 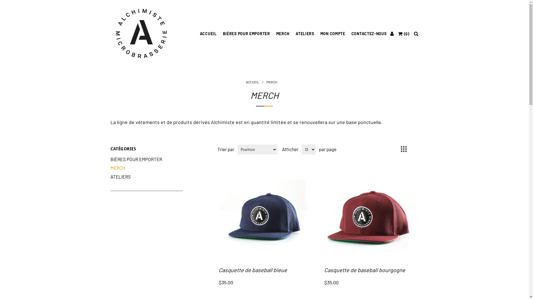 What do you see at coordinates (264, 215) in the screenshot?
I see `'Agrandir l'image de Casquette de baseball bleue'` at bounding box center [264, 215].